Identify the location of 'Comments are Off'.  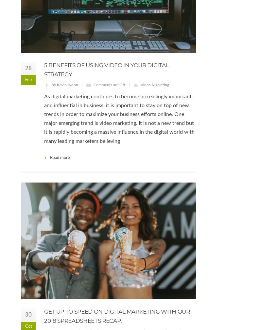
(109, 84).